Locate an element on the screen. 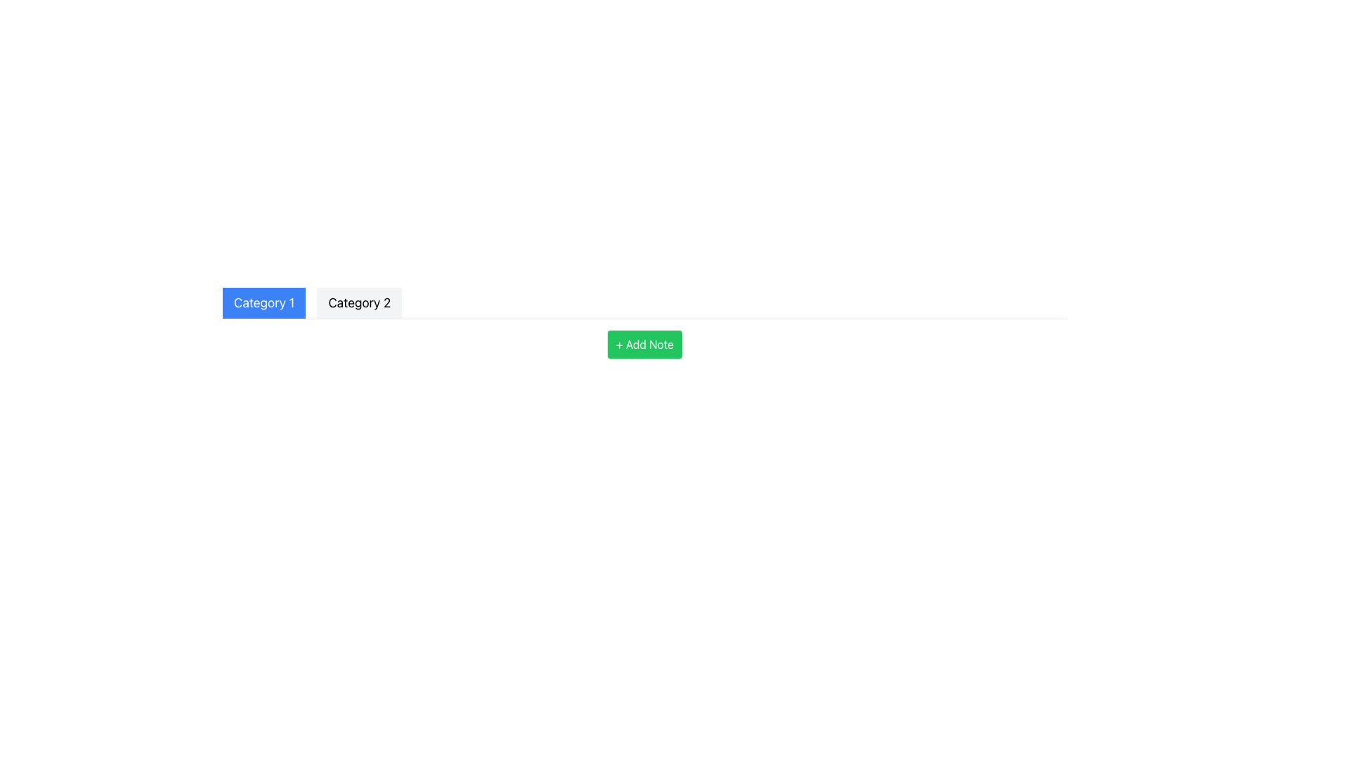 The height and width of the screenshot is (758, 1349). the category display or selector bar containing the buttons labeled 'Category 1' and 'Category 2' is located at coordinates (644, 302).